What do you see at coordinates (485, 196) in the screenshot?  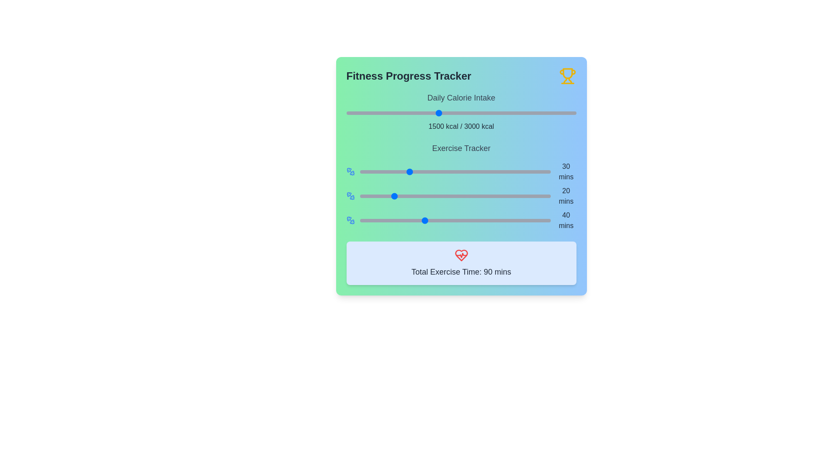 I see `the slider value` at bounding box center [485, 196].